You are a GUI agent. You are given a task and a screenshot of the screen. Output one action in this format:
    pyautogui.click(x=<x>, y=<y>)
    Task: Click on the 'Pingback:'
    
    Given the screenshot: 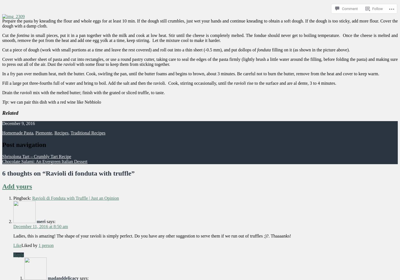 What is the action you would take?
    pyautogui.click(x=22, y=198)
    